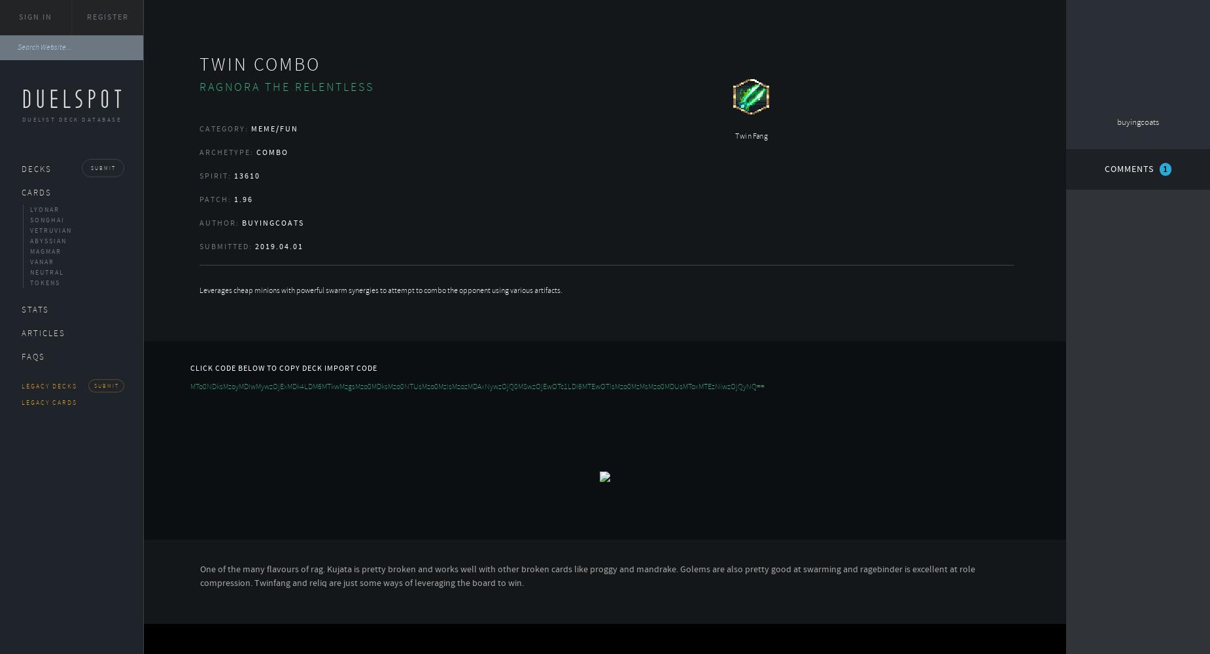  What do you see at coordinates (198, 63) in the screenshot?
I see `'Twin Combo'` at bounding box center [198, 63].